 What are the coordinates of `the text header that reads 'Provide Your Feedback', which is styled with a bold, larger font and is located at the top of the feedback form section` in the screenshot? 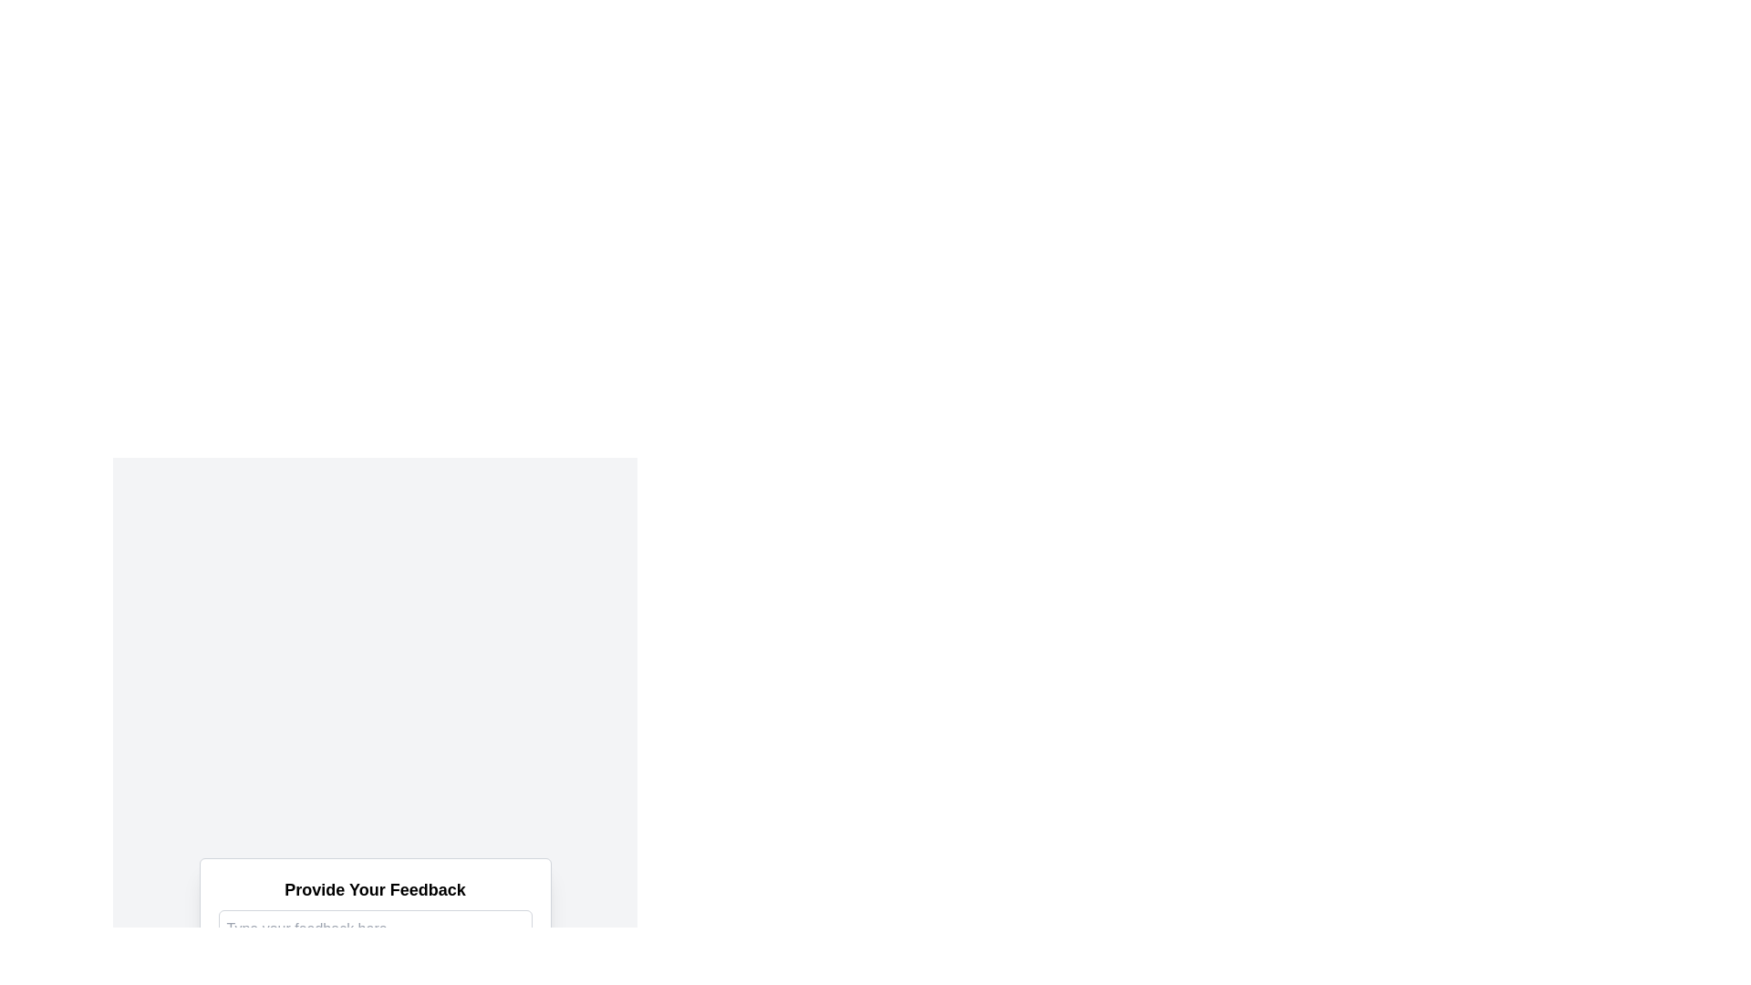 It's located at (374, 888).